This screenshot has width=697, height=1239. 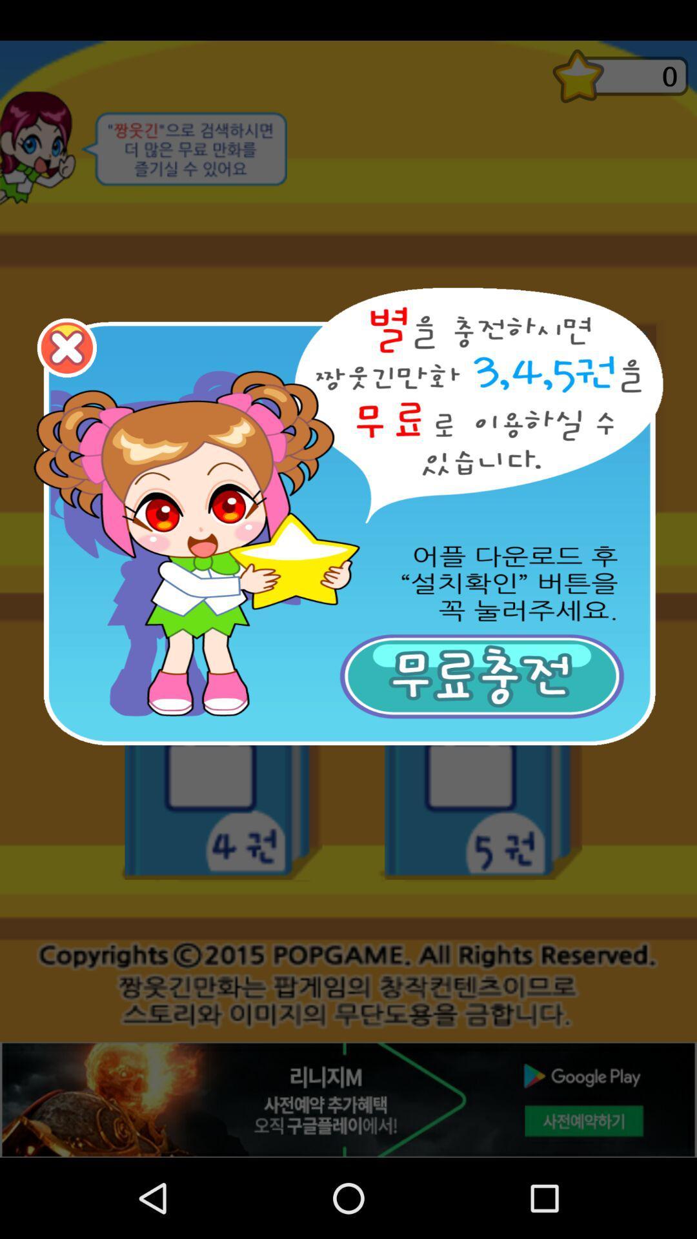 I want to click on go back, so click(x=66, y=348).